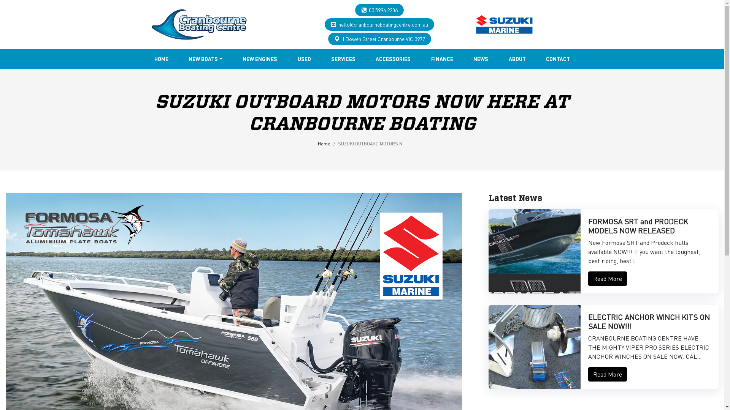 The image size is (730, 410). Describe the element at coordinates (343, 58) in the screenshot. I see `'SERVICES'` at that location.